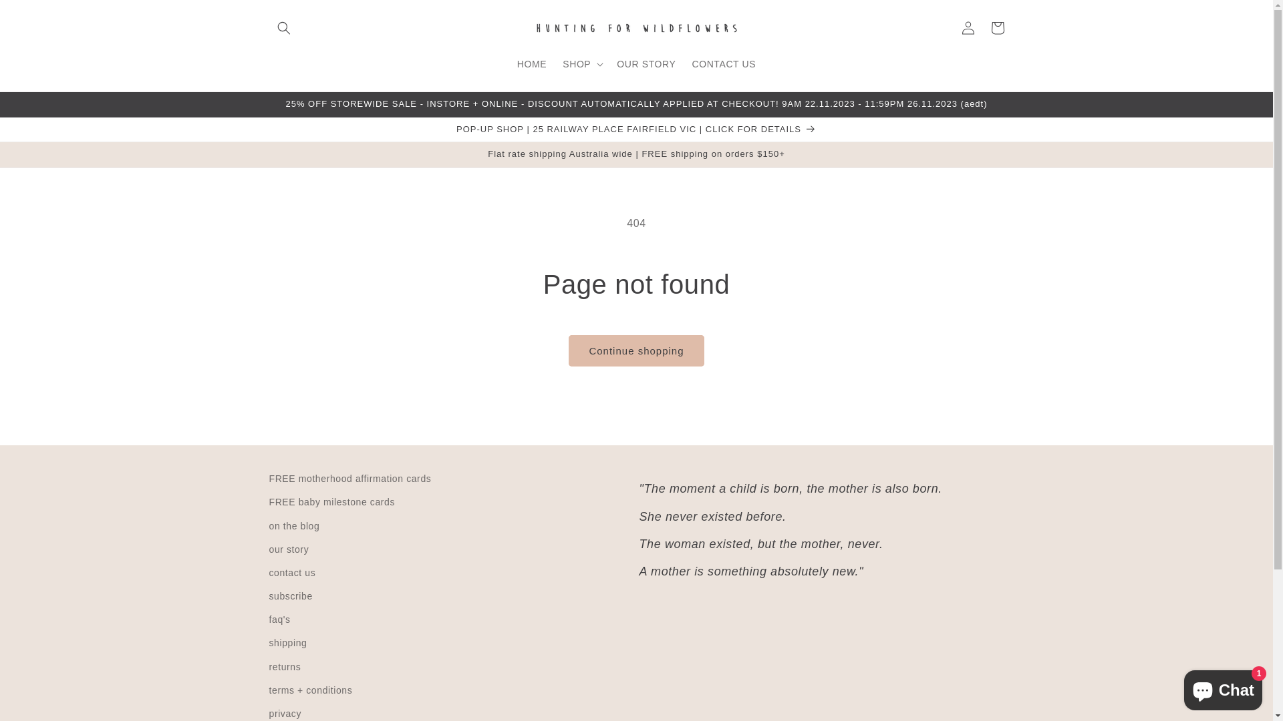 The image size is (1283, 721). I want to click on 'CONTACT US', so click(683, 63).